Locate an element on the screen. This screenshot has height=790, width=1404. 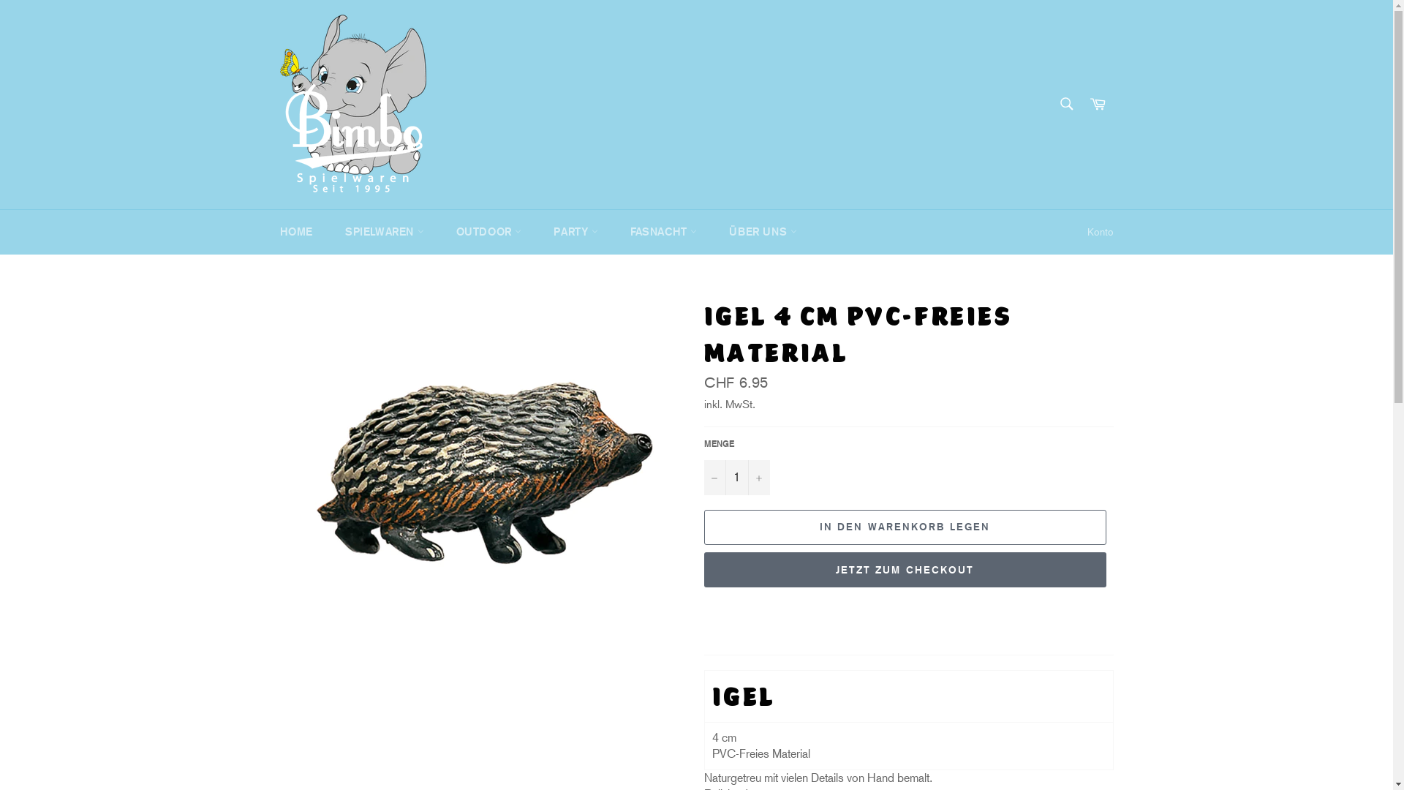
'Suchen' is located at coordinates (1049, 102).